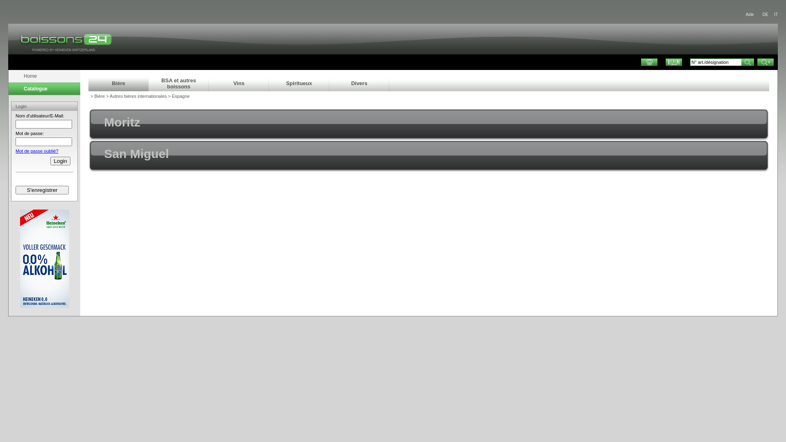 The width and height of the screenshot is (786, 442). I want to click on 'Divers', so click(359, 83).